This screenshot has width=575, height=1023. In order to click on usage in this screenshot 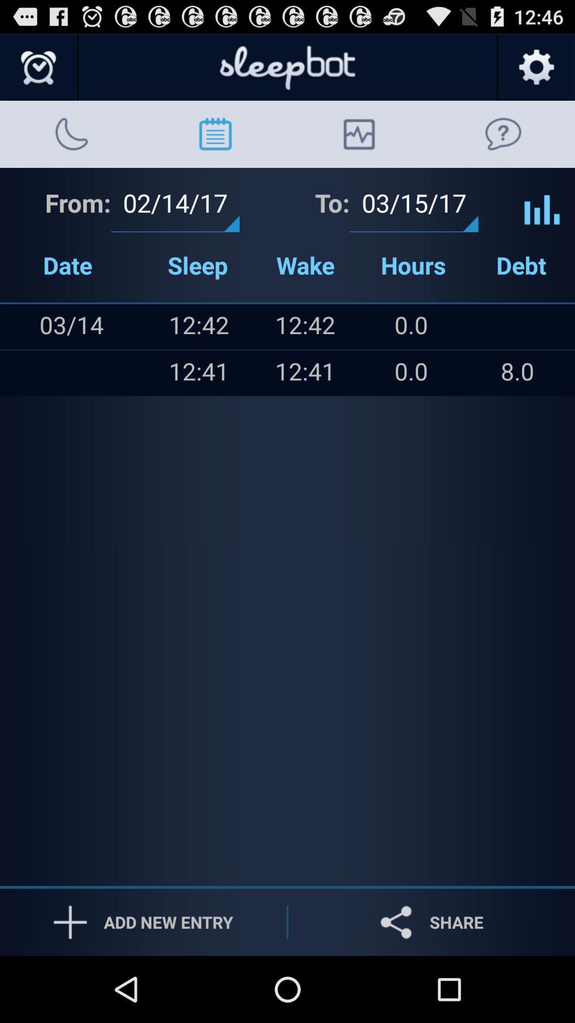, I will do `click(542, 201)`.